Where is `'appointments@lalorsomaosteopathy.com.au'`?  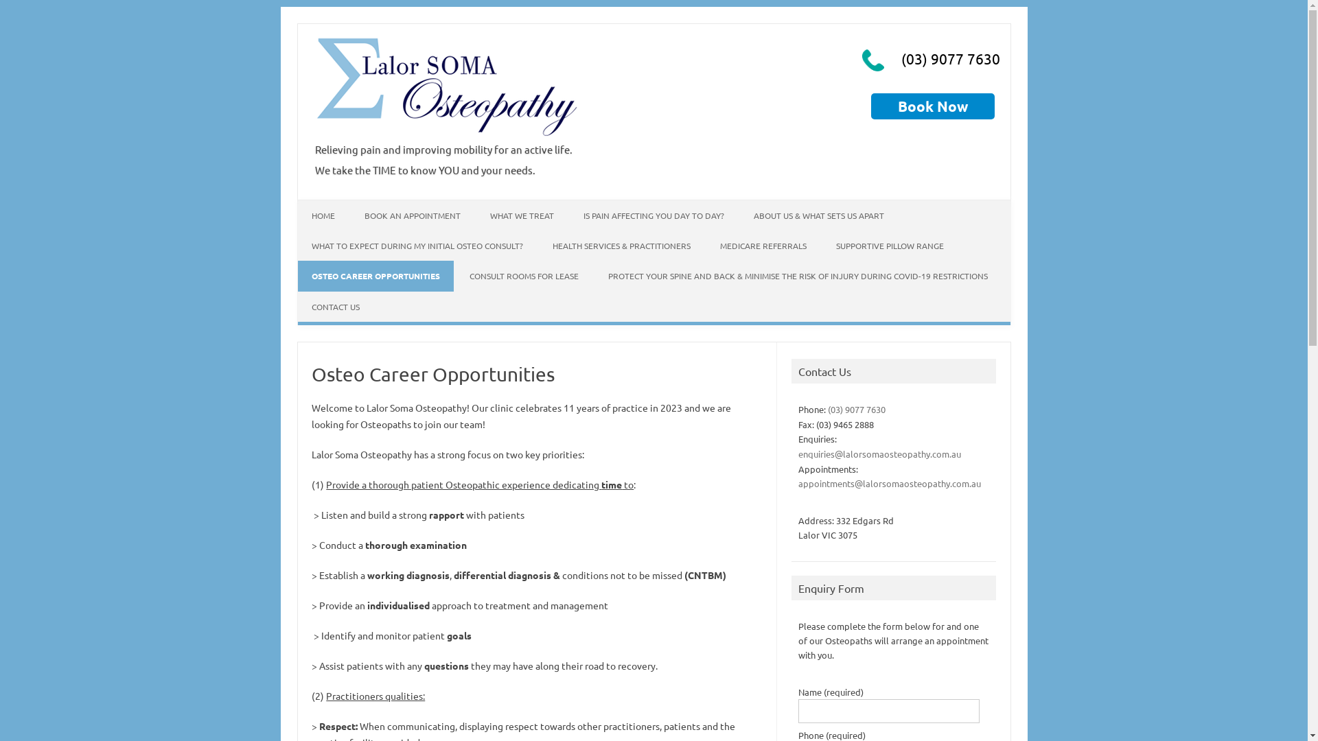 'appointments@lalorsomaosteopathy.com.au' is located at coordinates (890, 482).